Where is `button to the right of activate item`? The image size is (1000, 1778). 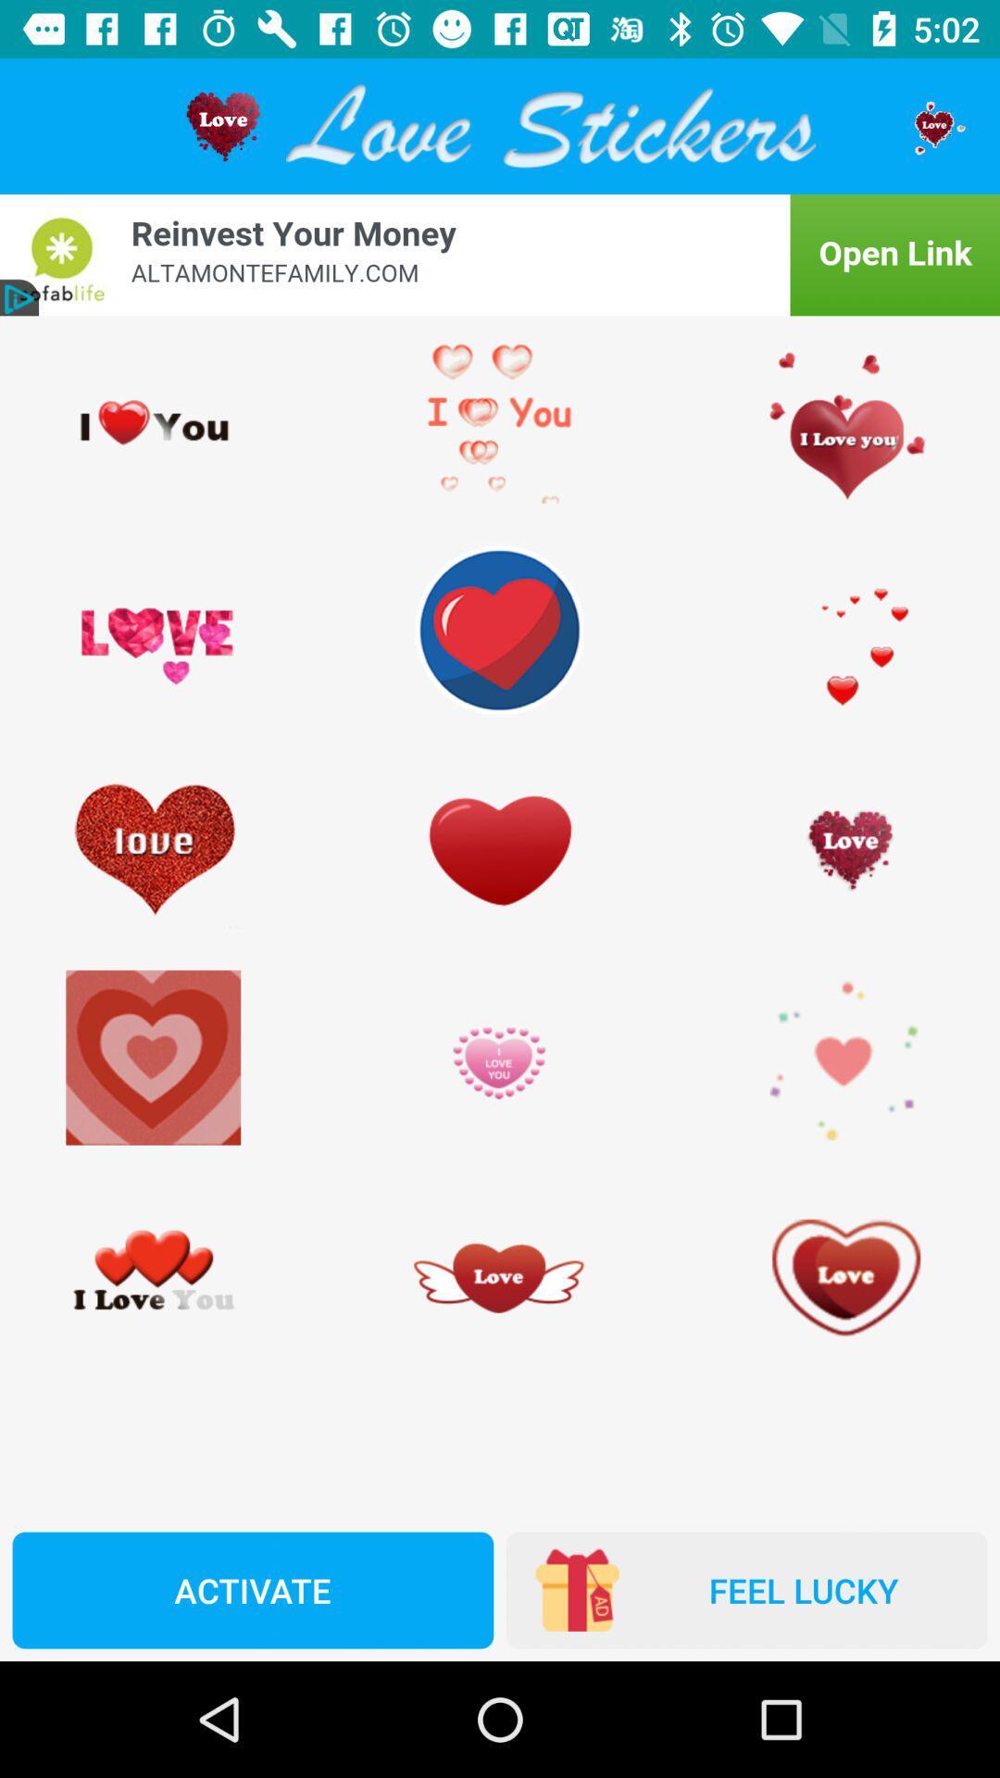
button to the right of activate item is located at coordinates (745, 1589).